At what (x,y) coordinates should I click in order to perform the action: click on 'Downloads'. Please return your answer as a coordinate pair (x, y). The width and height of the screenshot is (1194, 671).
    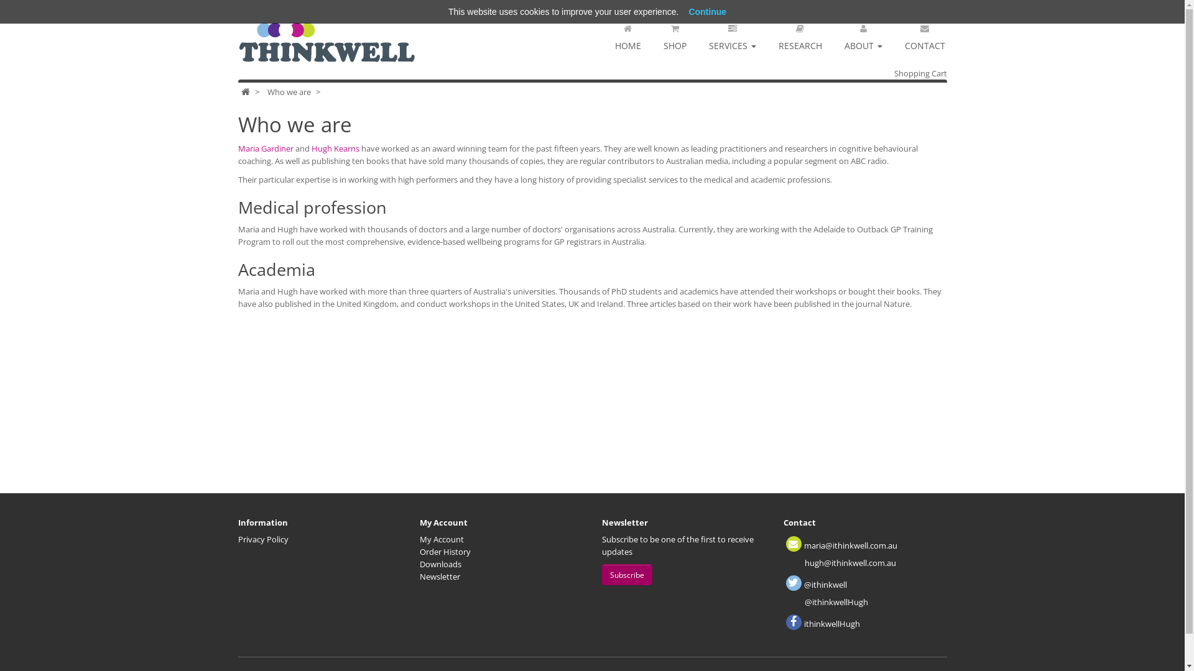
    Looking at the image, I should click on (440, 564).